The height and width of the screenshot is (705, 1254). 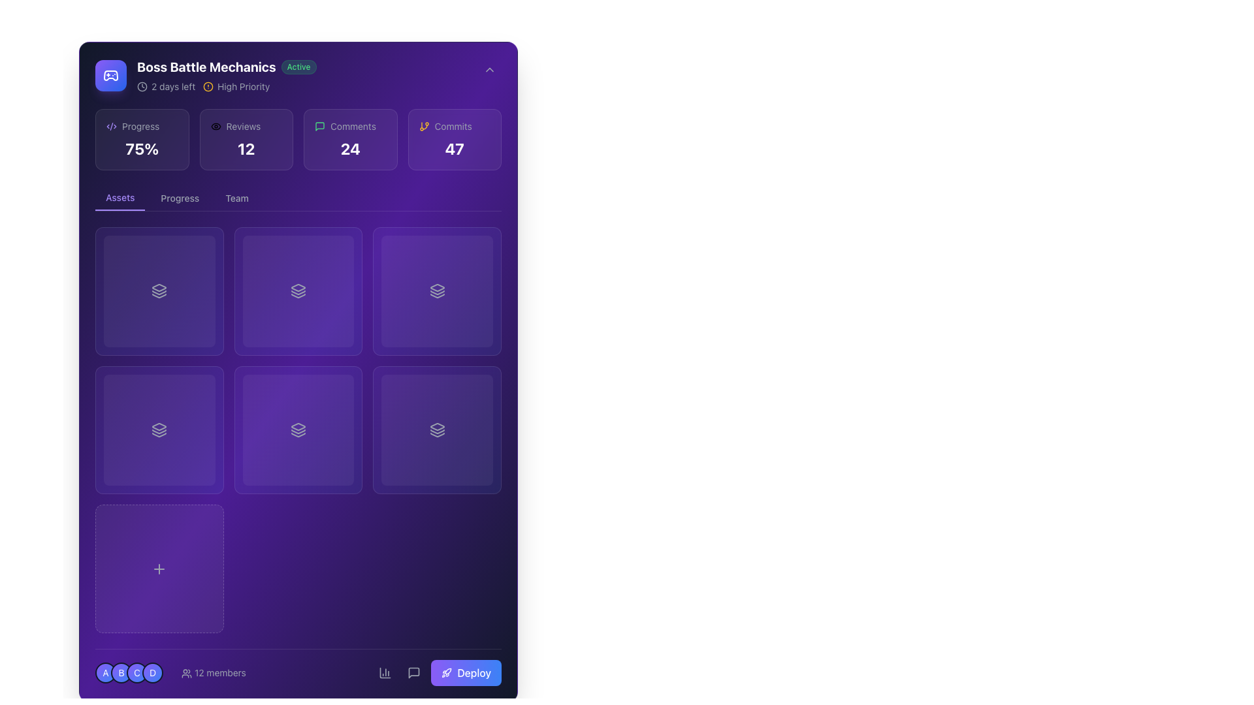 What do you see at coordinates (137, 672) in the screenshot?
I see `the circular badge labeled 'C' which is the third in a horizontal sequence of four badges at the bottom-left corner of the interface for information` at bounding box center [137, 672].